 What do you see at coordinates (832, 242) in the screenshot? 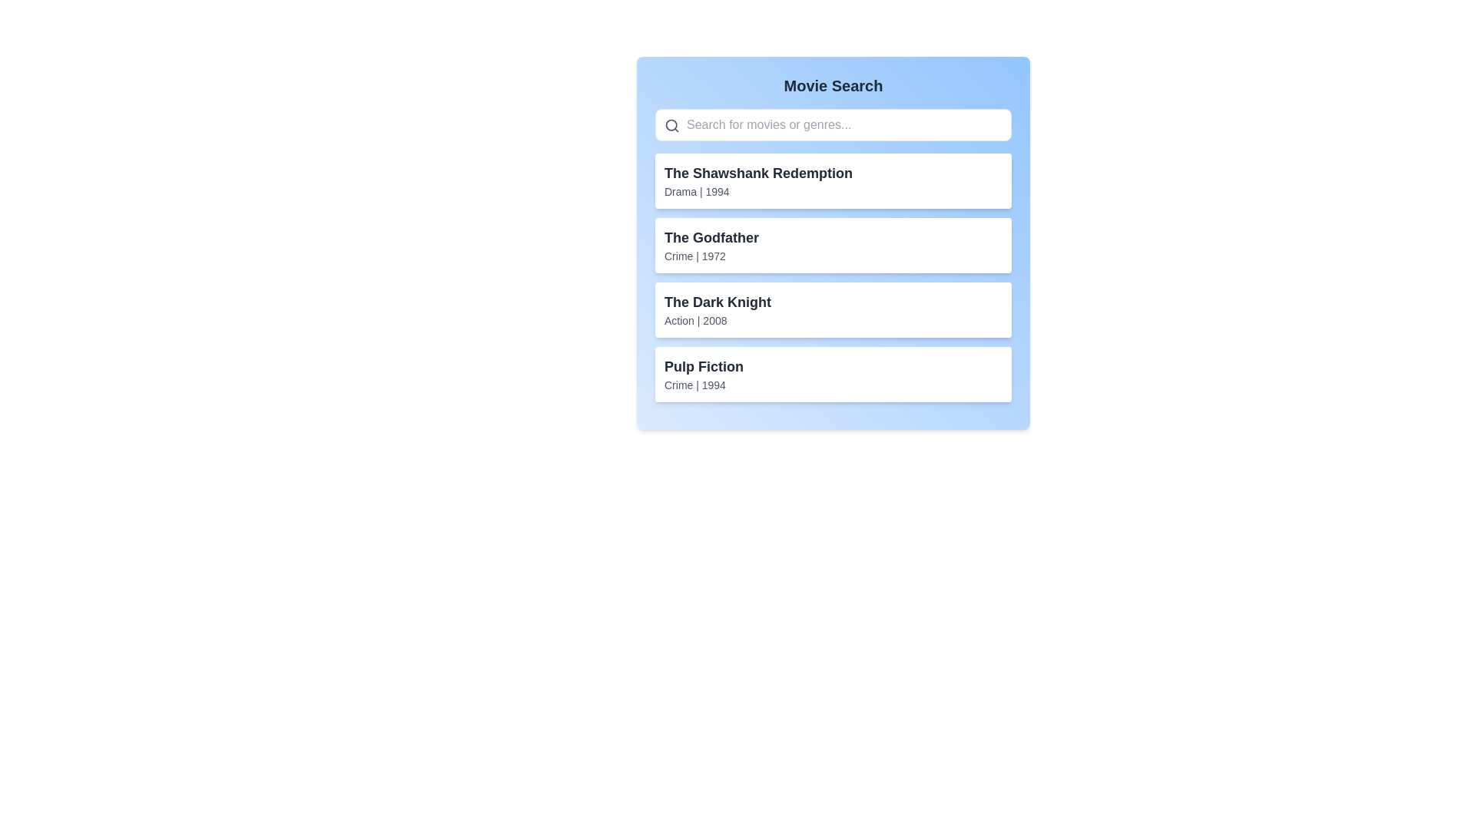
I see `the list item containing 'The Godfather'` at bounding box center [832, 242].